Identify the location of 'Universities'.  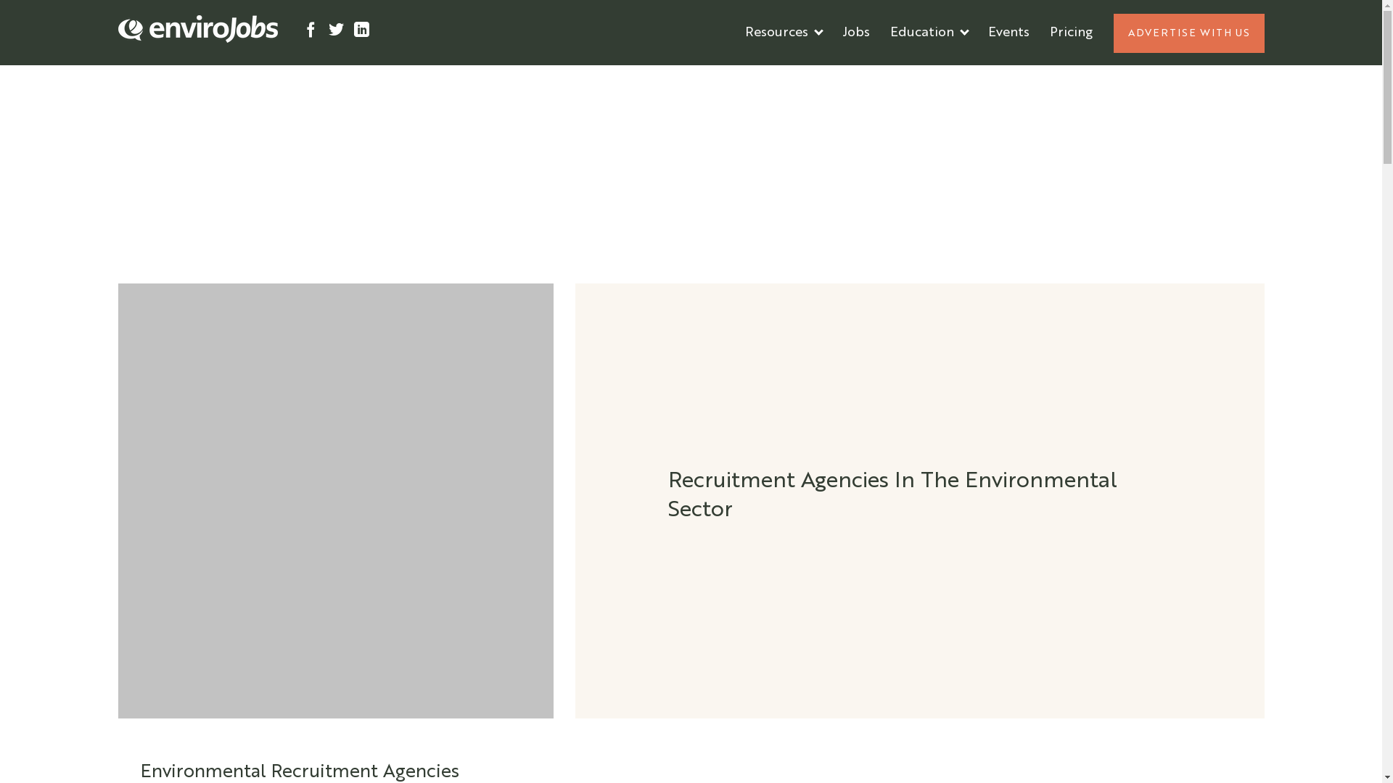
(924, 76).